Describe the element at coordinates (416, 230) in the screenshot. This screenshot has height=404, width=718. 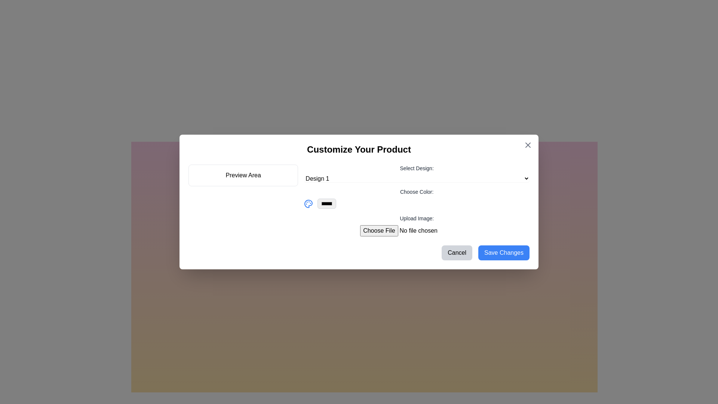
I see `the 'Choose File' button in the 'Upload Image:' section` at that location.